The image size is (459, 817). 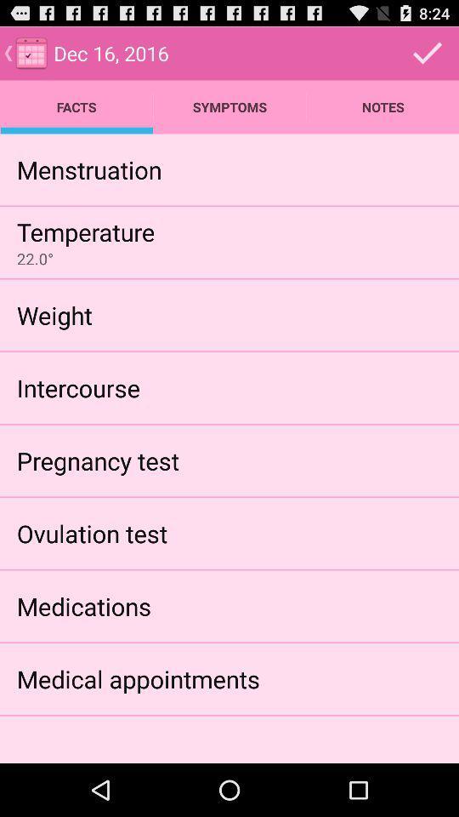 What do you see at coordinates (35, 259) in the screenshot?
I see `the icon above the weight app` at bounding box center [35, 259].